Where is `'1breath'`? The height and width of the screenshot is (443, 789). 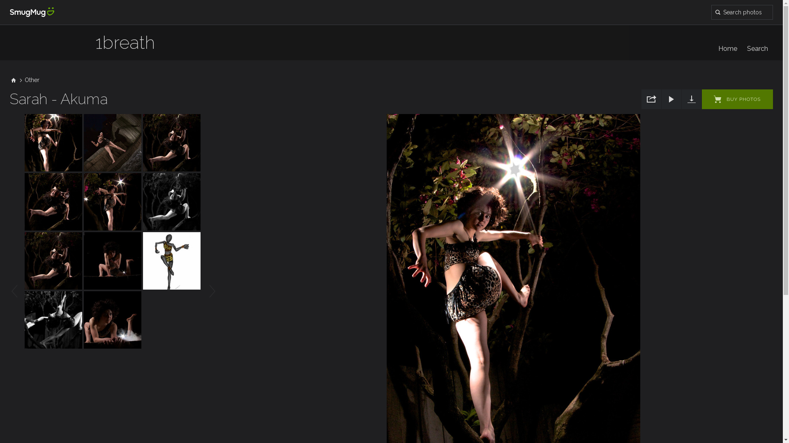 '1breath' is located at coordinates (95, 47).